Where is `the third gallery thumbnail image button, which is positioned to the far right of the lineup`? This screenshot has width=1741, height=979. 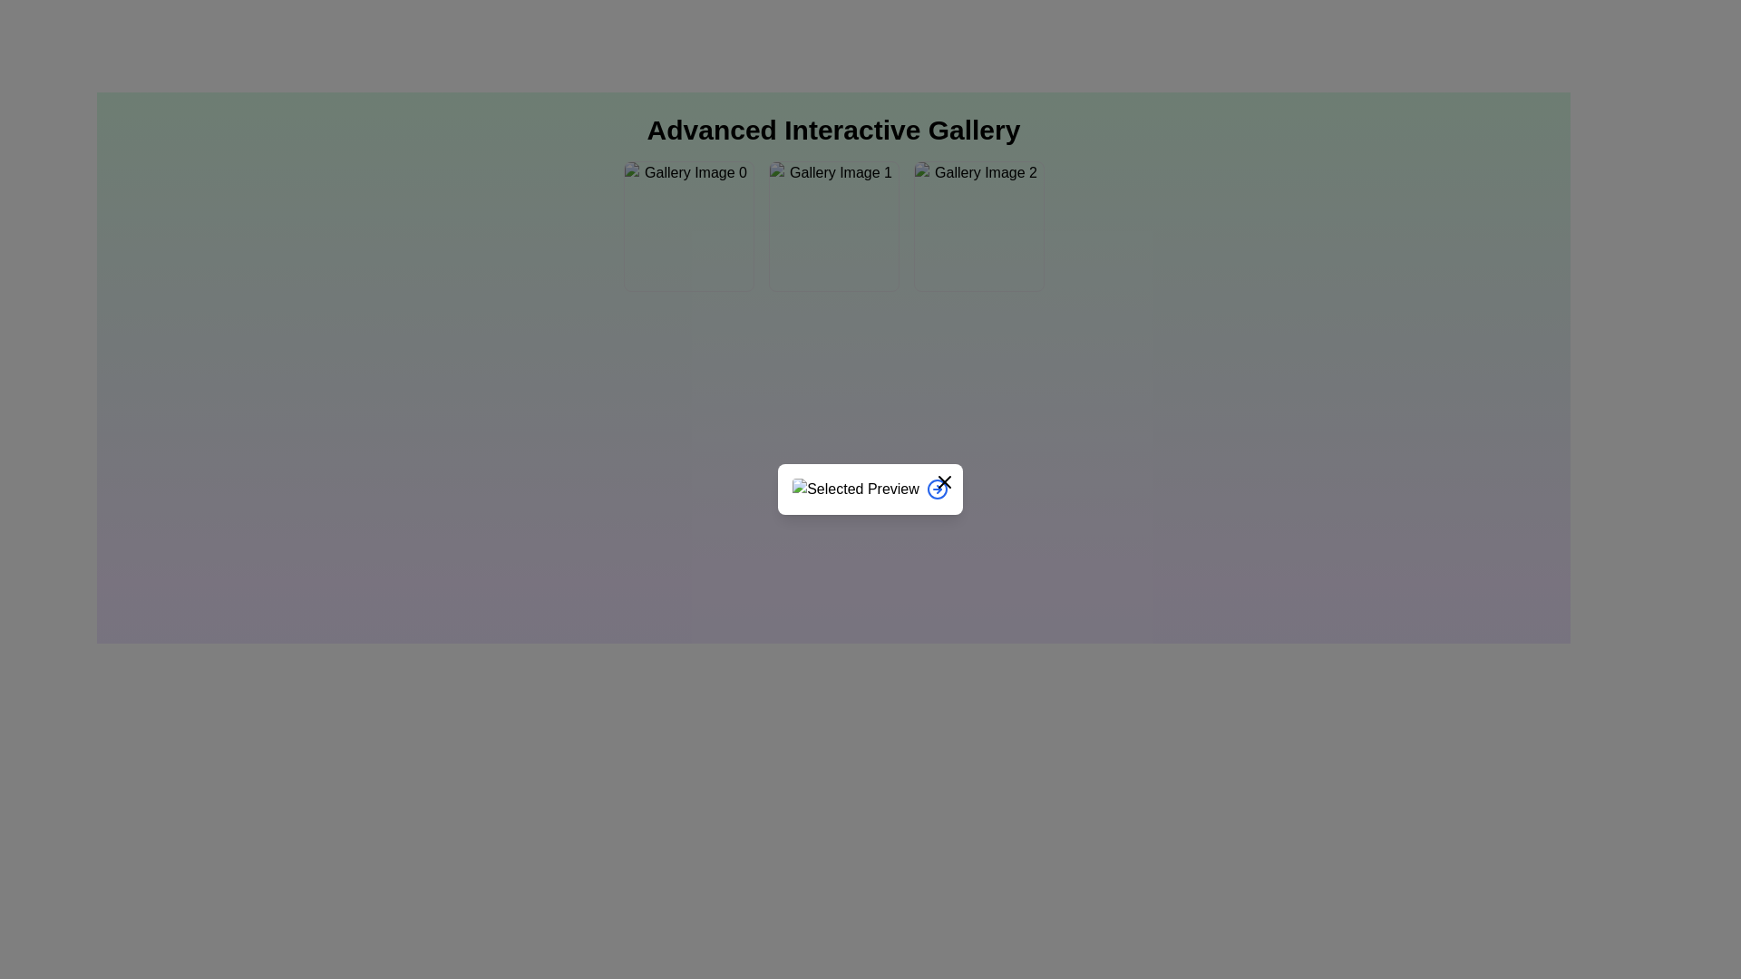
the third gallery thumbnail image button, which is positioned to the far right of the lineup is located at coordinates (977, 226).